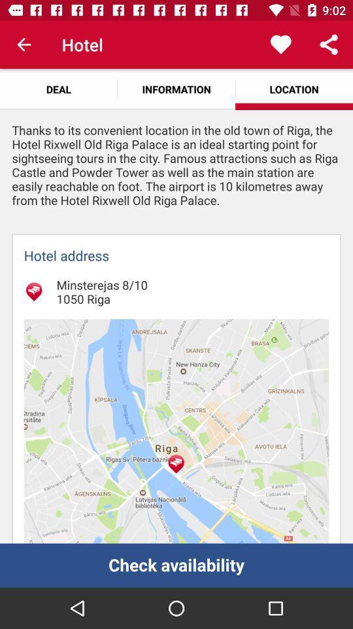  I want to click on deal icon, so click(58, 88).